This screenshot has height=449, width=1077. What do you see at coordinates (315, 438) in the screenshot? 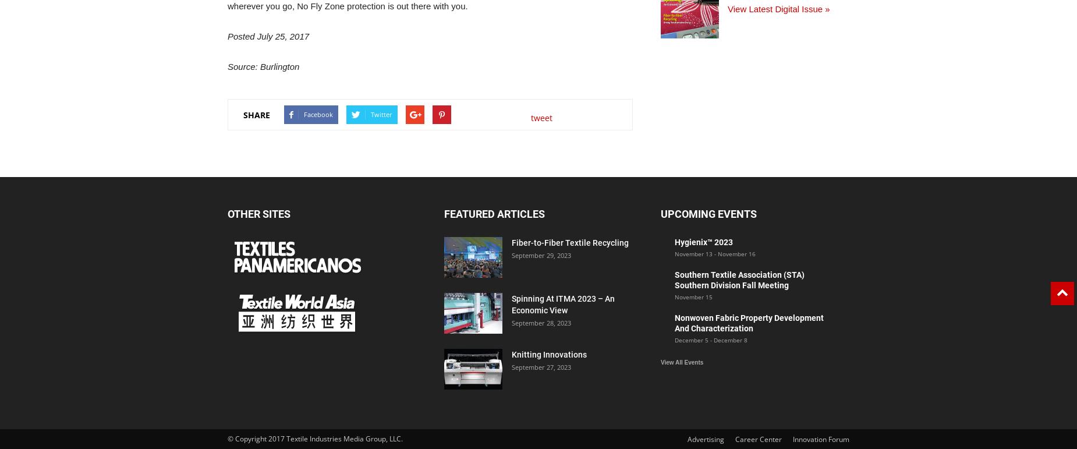
I see `'© Copyright 2017 Textile Industries Media Group, LLC.'` at bounding box center [315, 438].